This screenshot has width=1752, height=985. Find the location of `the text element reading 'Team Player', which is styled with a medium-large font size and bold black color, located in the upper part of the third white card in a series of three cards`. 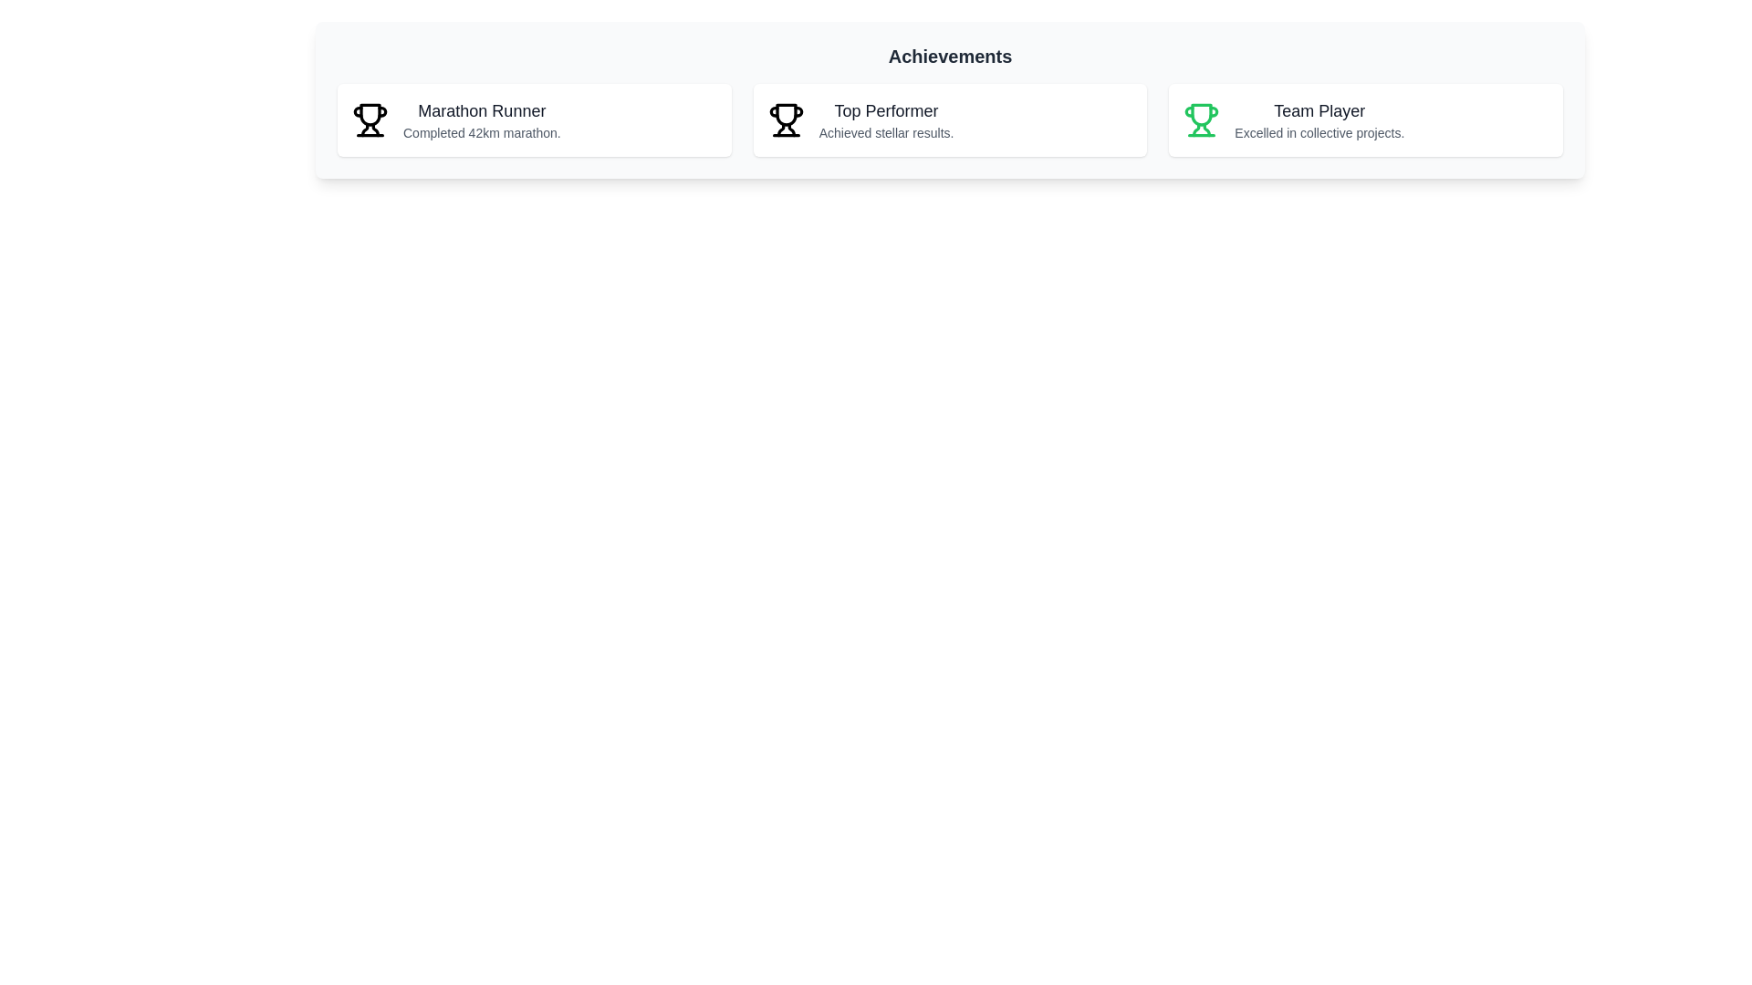

the text element reading 'Team Player', which is styled with a medium-large font size and bold black color, located in the upper part of the third white card in a series of three cards is located at coordinates (1319, 111).